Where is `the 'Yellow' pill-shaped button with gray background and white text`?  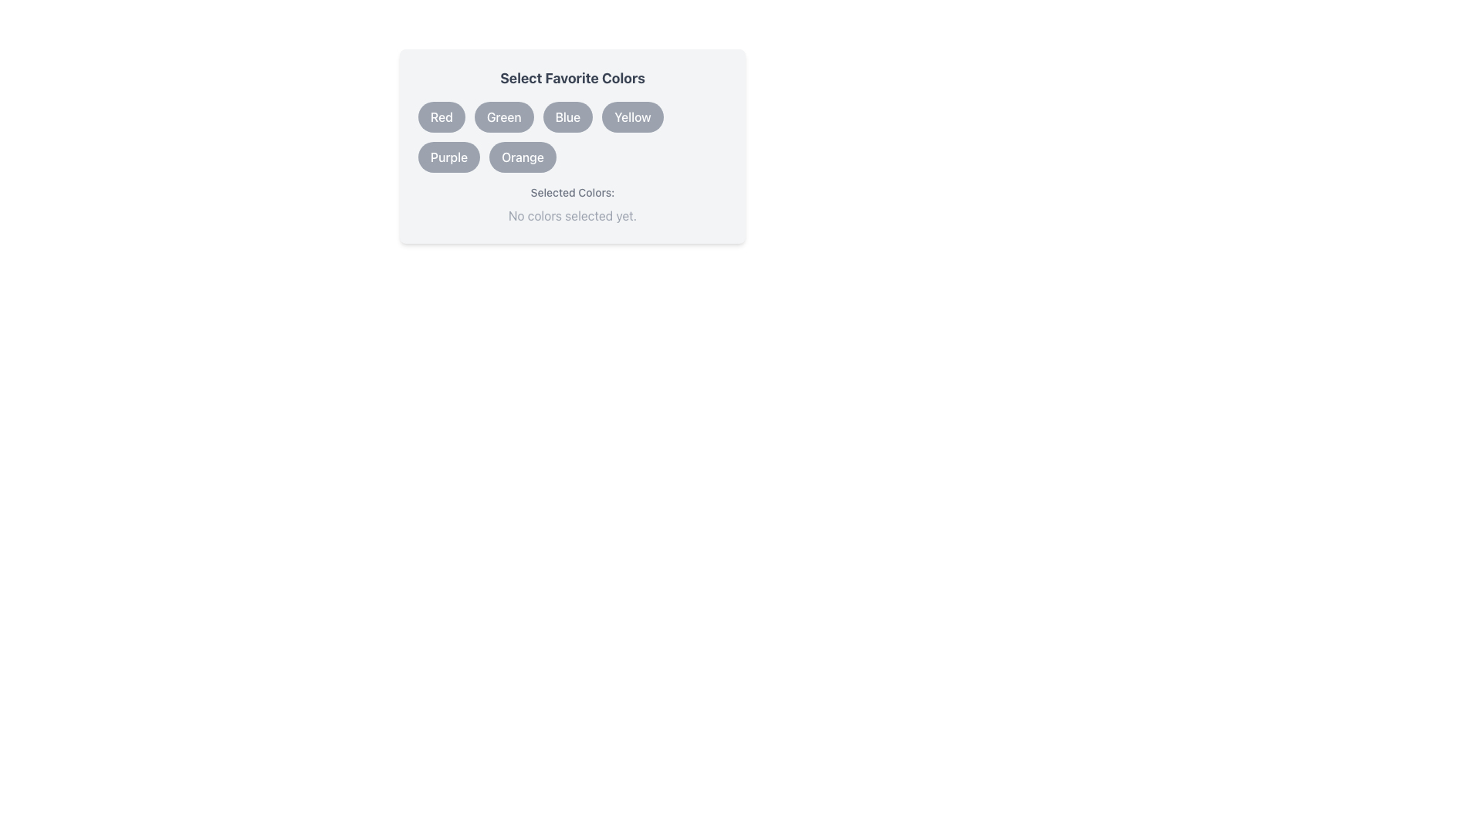 the 'Yellow' pill-shaped button with gray background and white text is located at coordinates (632, 116).